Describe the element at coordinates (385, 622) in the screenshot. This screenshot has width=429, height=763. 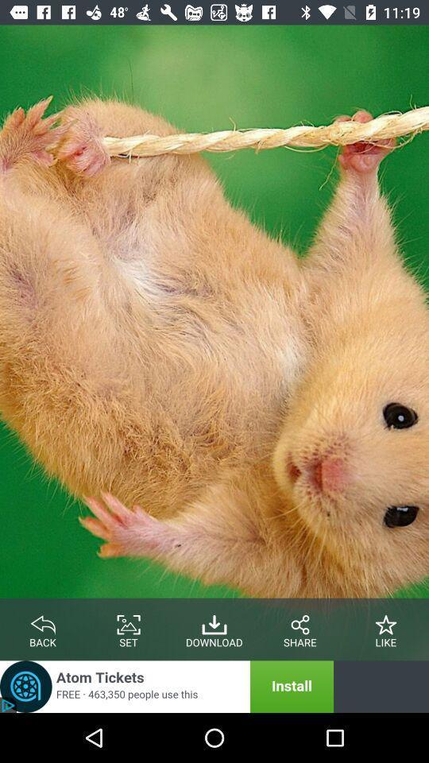
I see `like th post` at that location.